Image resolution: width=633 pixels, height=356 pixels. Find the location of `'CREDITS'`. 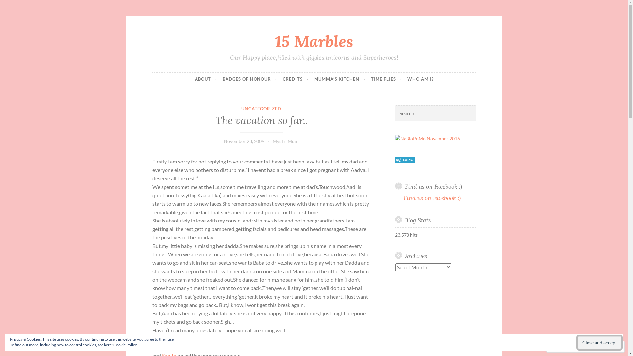

'CREDITS' is located at coordinates (282, 78).